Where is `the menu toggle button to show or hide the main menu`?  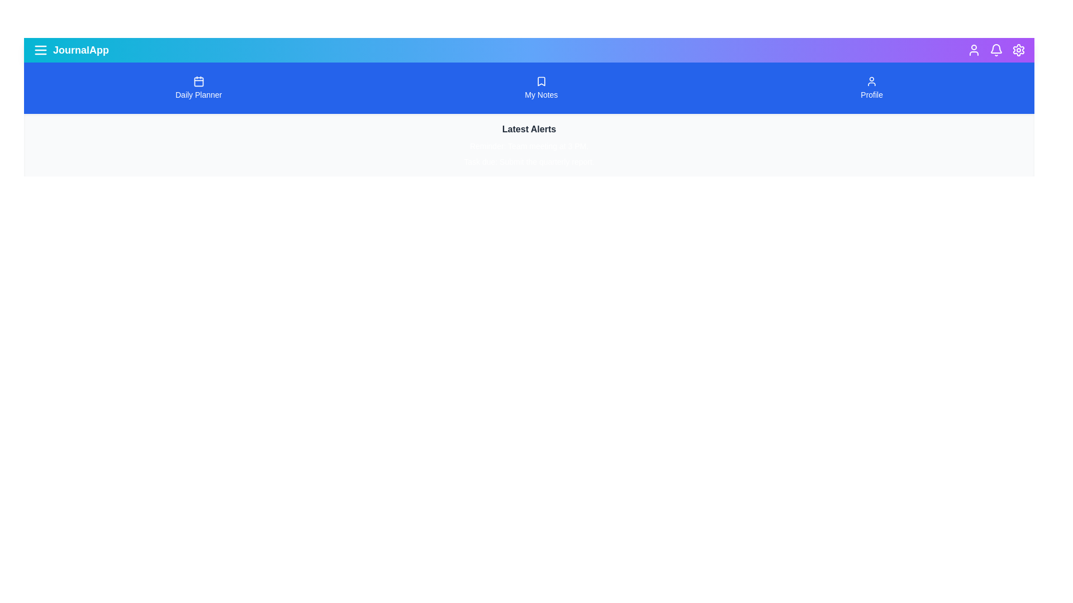 the menu toggle button to show or hide the main menu is located at coordinates (40, 49).